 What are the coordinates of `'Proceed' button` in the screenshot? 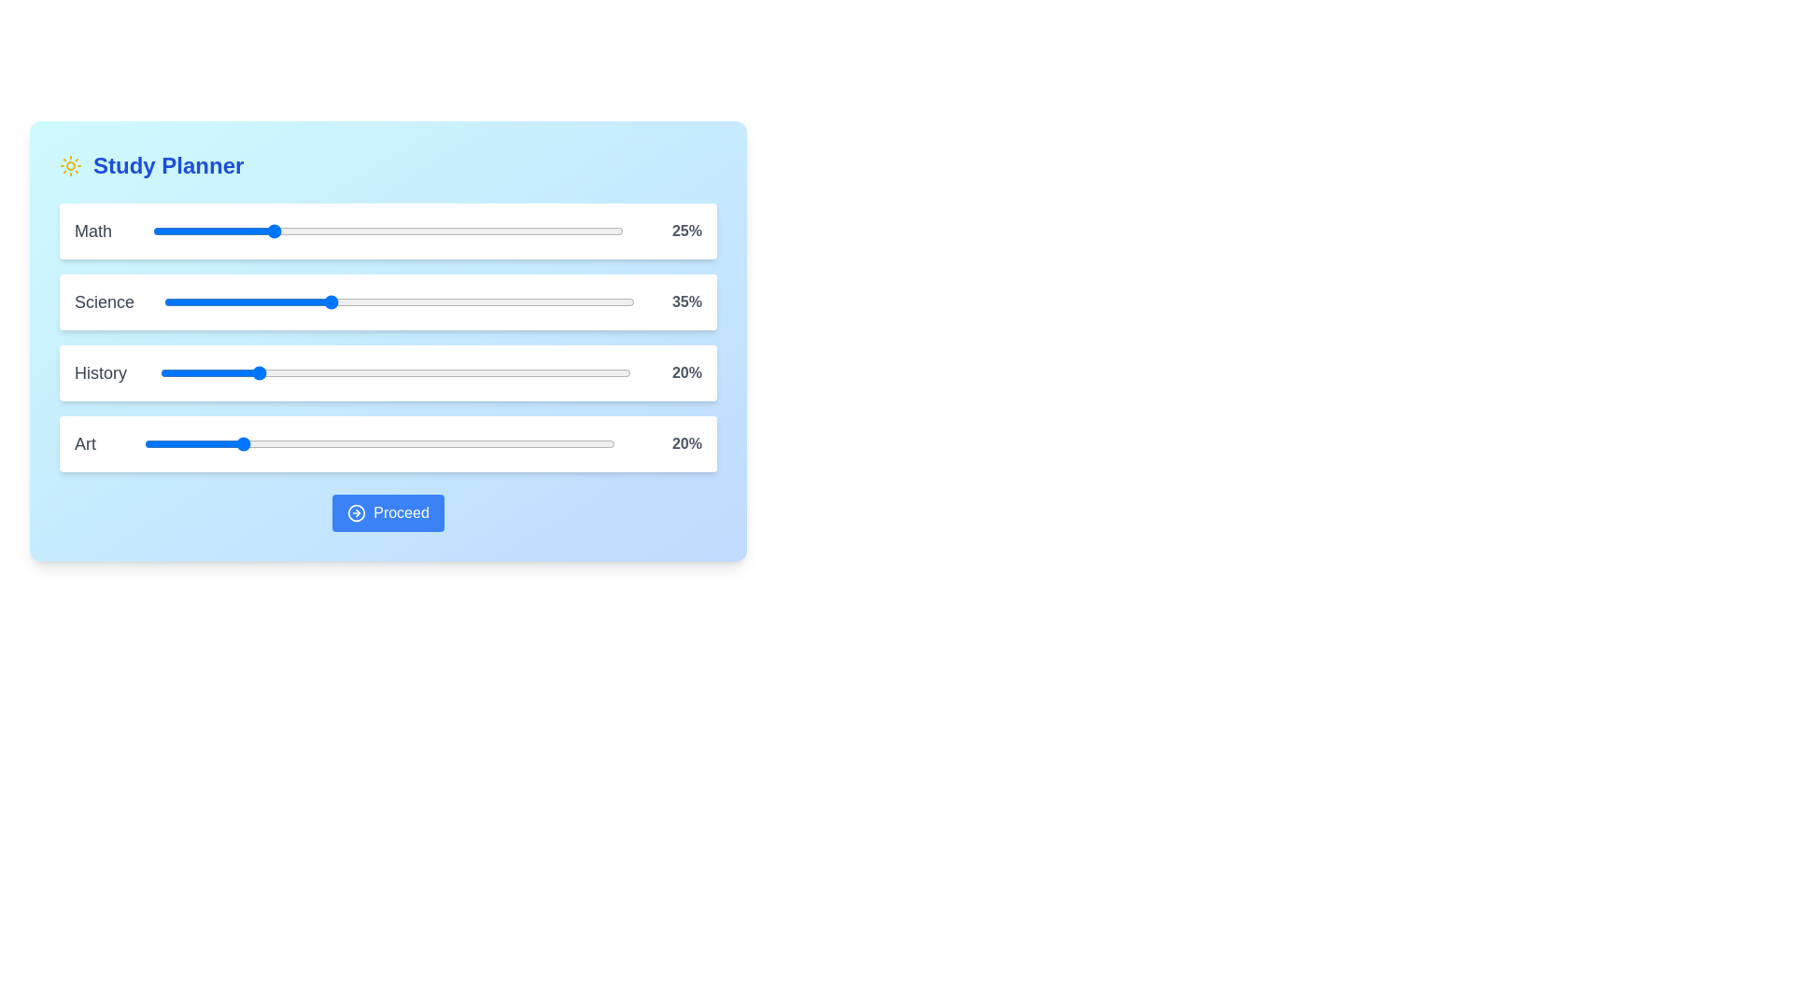 It's located at (388, 513).